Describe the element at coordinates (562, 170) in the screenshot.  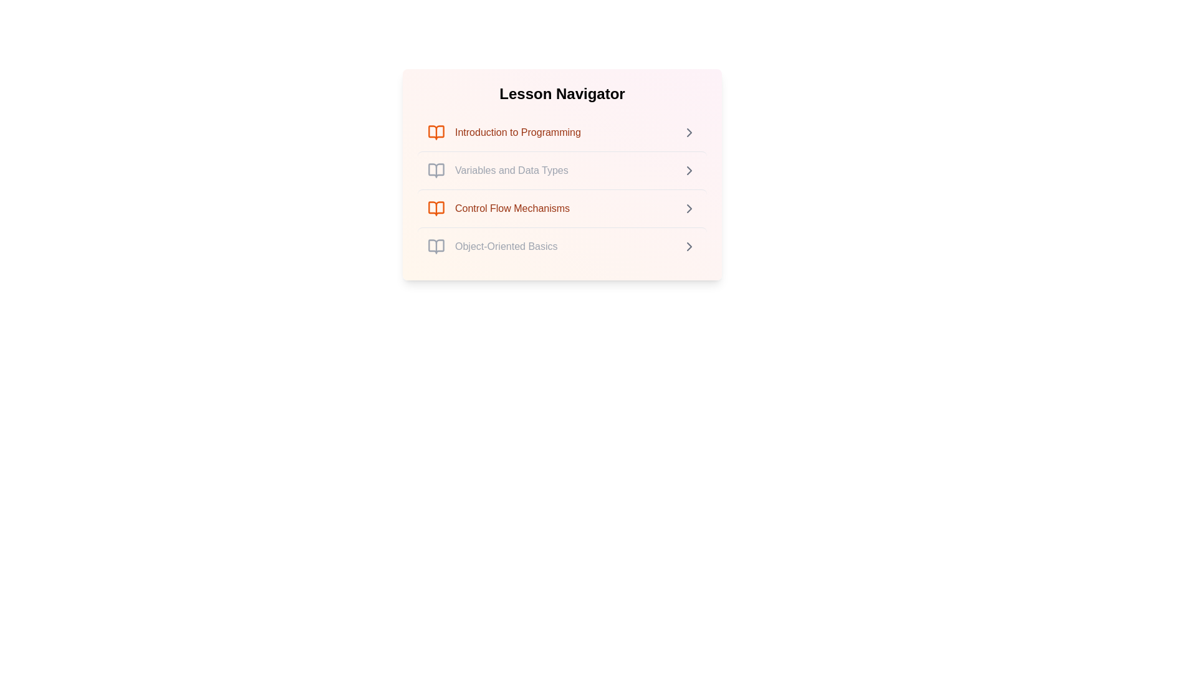
I see `the lesson item corresponding to Variables and Data Types` at that location.